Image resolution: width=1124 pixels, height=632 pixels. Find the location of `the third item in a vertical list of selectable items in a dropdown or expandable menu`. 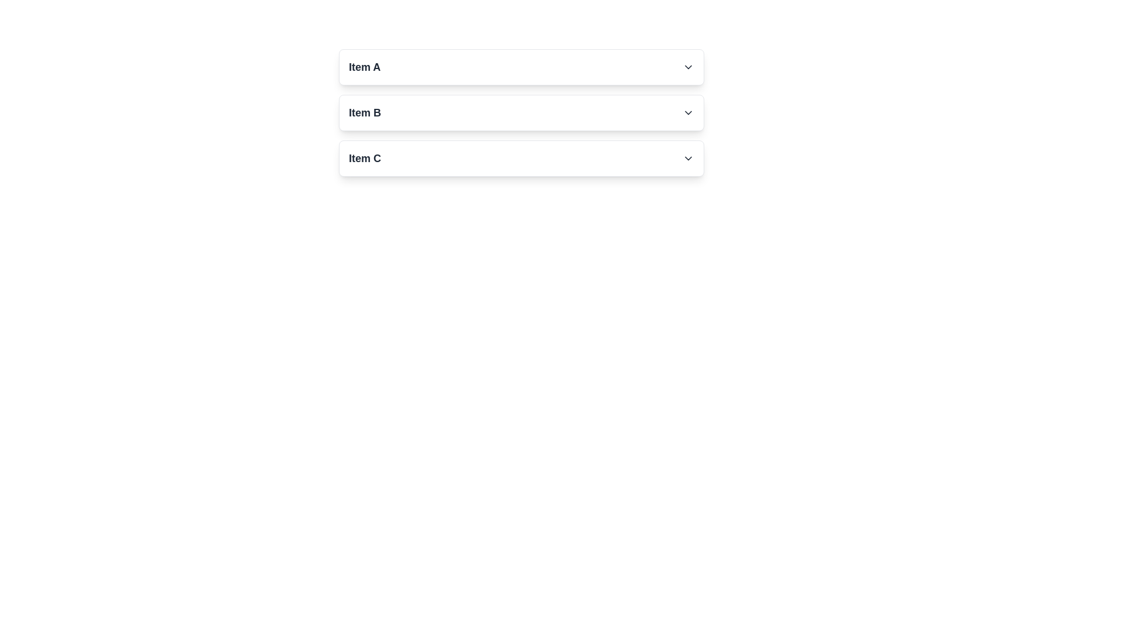

the third item in a vertical list of selectable items in a dropdown or expandable menu is located at coordinates (521, 158).